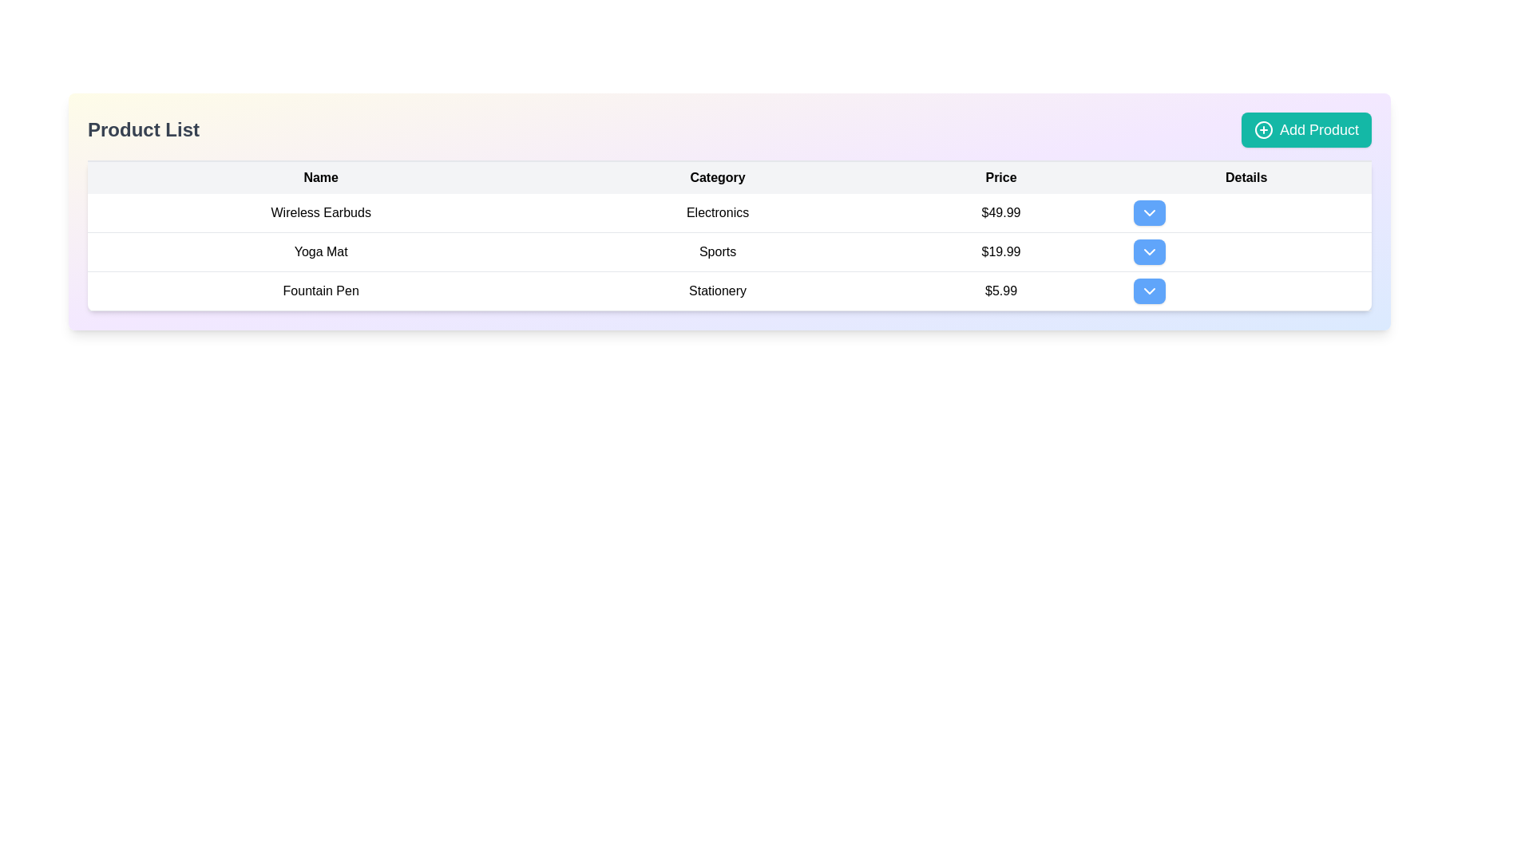  I want to click on the blue button with a chevron-down icon in white located in the 'Details' column of the first row in a table, so click(1150, 212).